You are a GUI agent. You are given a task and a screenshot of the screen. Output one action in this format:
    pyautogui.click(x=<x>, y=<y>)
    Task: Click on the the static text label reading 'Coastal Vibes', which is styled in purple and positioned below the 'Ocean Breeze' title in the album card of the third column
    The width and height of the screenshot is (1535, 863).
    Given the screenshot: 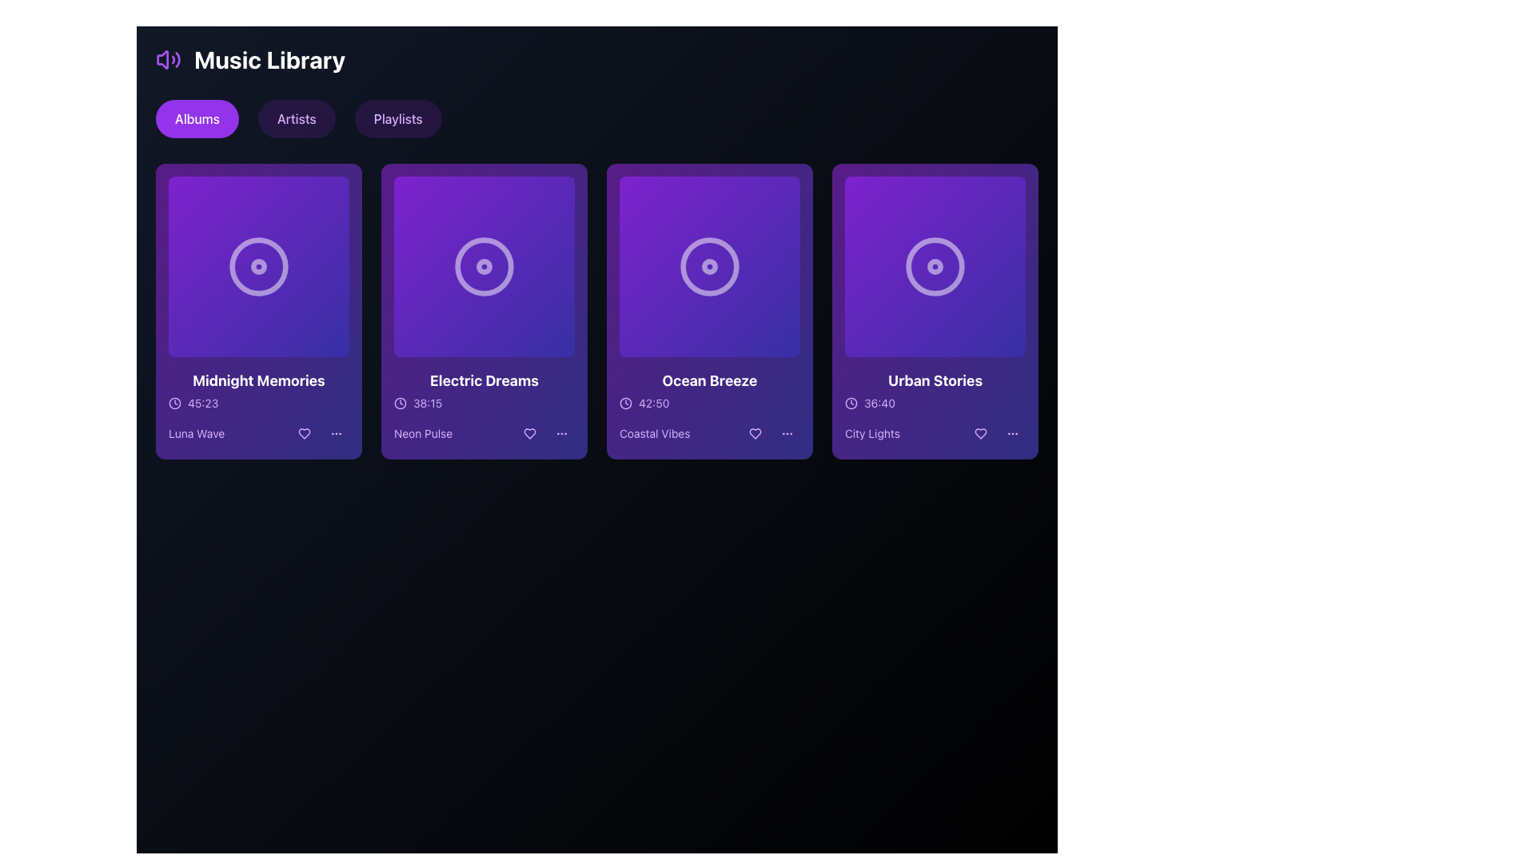 What is the action you would take?
    pyautogui.click(x=655, y=434)
    